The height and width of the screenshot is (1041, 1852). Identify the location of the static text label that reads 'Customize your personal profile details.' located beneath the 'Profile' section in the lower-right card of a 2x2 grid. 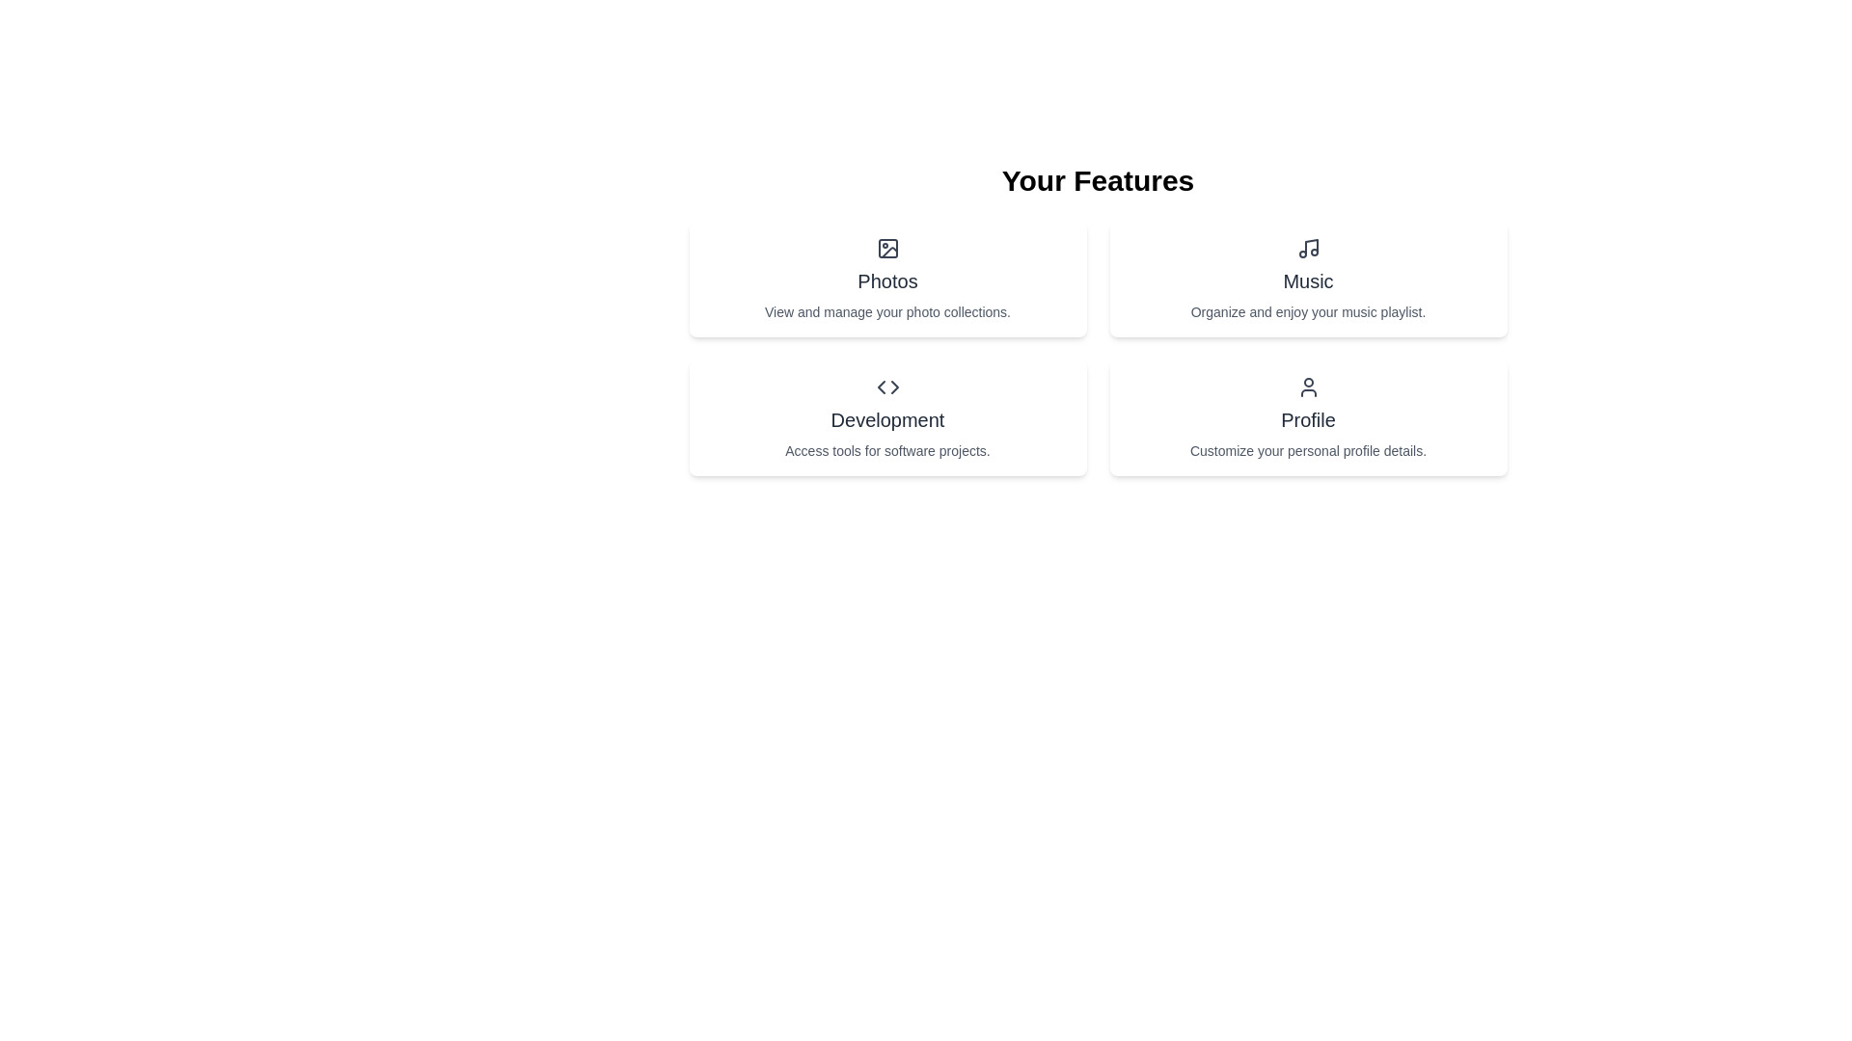
(1308, 450).